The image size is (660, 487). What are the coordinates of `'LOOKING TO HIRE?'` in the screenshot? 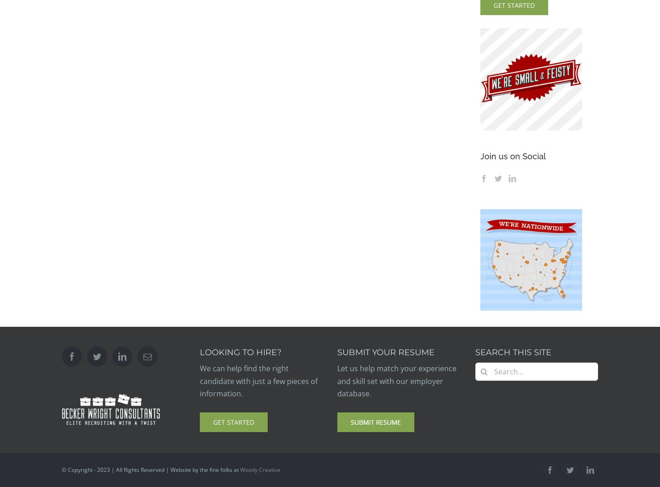 It's located at (240, 352).